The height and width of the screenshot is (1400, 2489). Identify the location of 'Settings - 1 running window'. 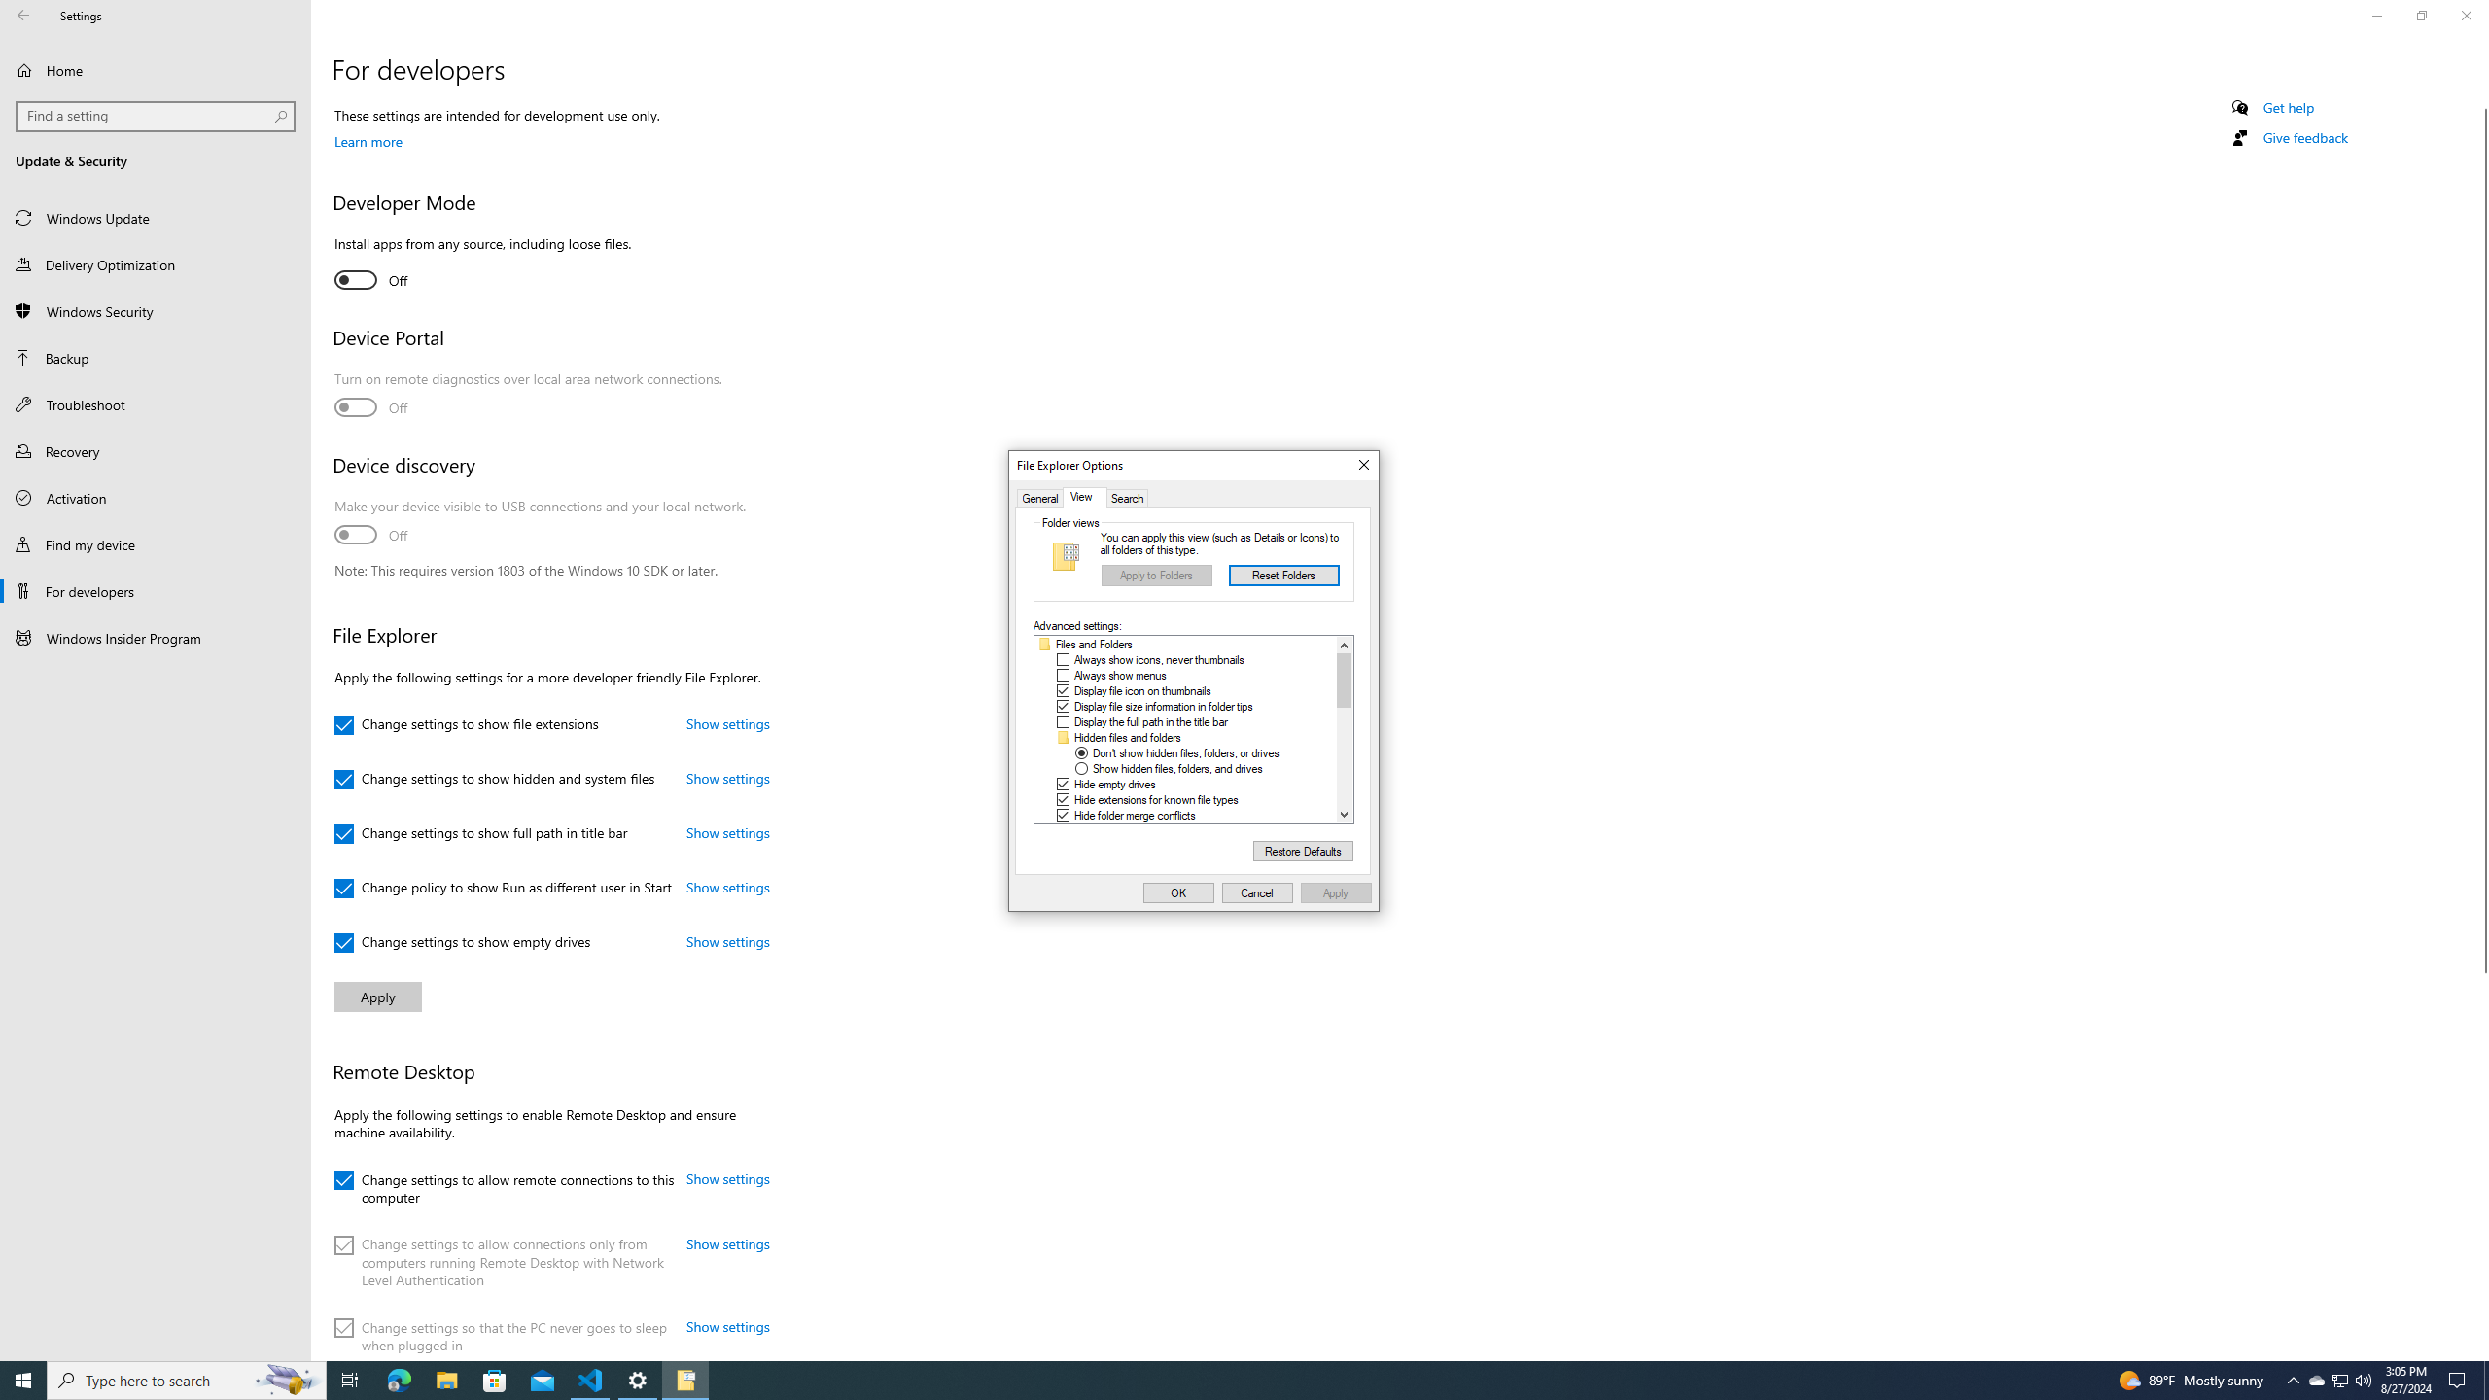
(638, 1379).